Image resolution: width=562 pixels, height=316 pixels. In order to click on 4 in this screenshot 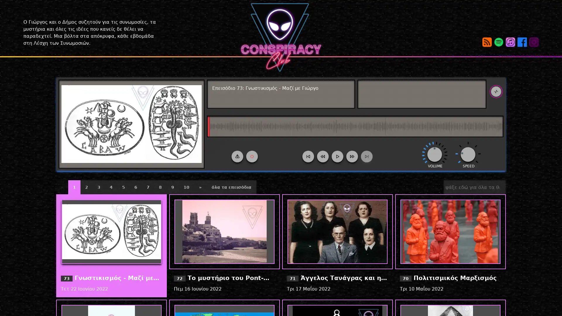, I will do `click(111, 187)`.